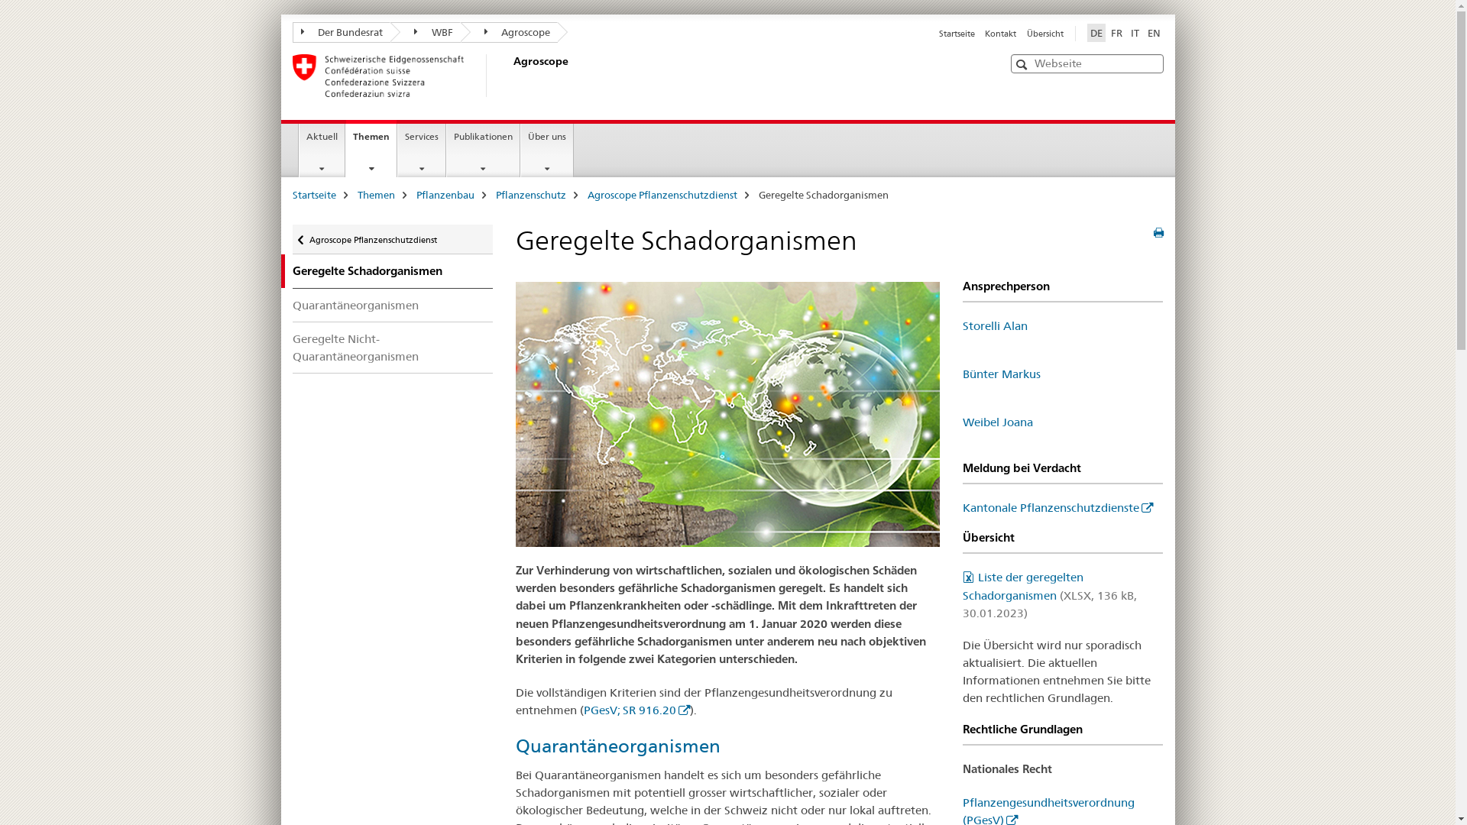  What do you see at coordinates (956, 33) in the screenshot?
I see `'Startseite'` at bounding box center [956, 33].